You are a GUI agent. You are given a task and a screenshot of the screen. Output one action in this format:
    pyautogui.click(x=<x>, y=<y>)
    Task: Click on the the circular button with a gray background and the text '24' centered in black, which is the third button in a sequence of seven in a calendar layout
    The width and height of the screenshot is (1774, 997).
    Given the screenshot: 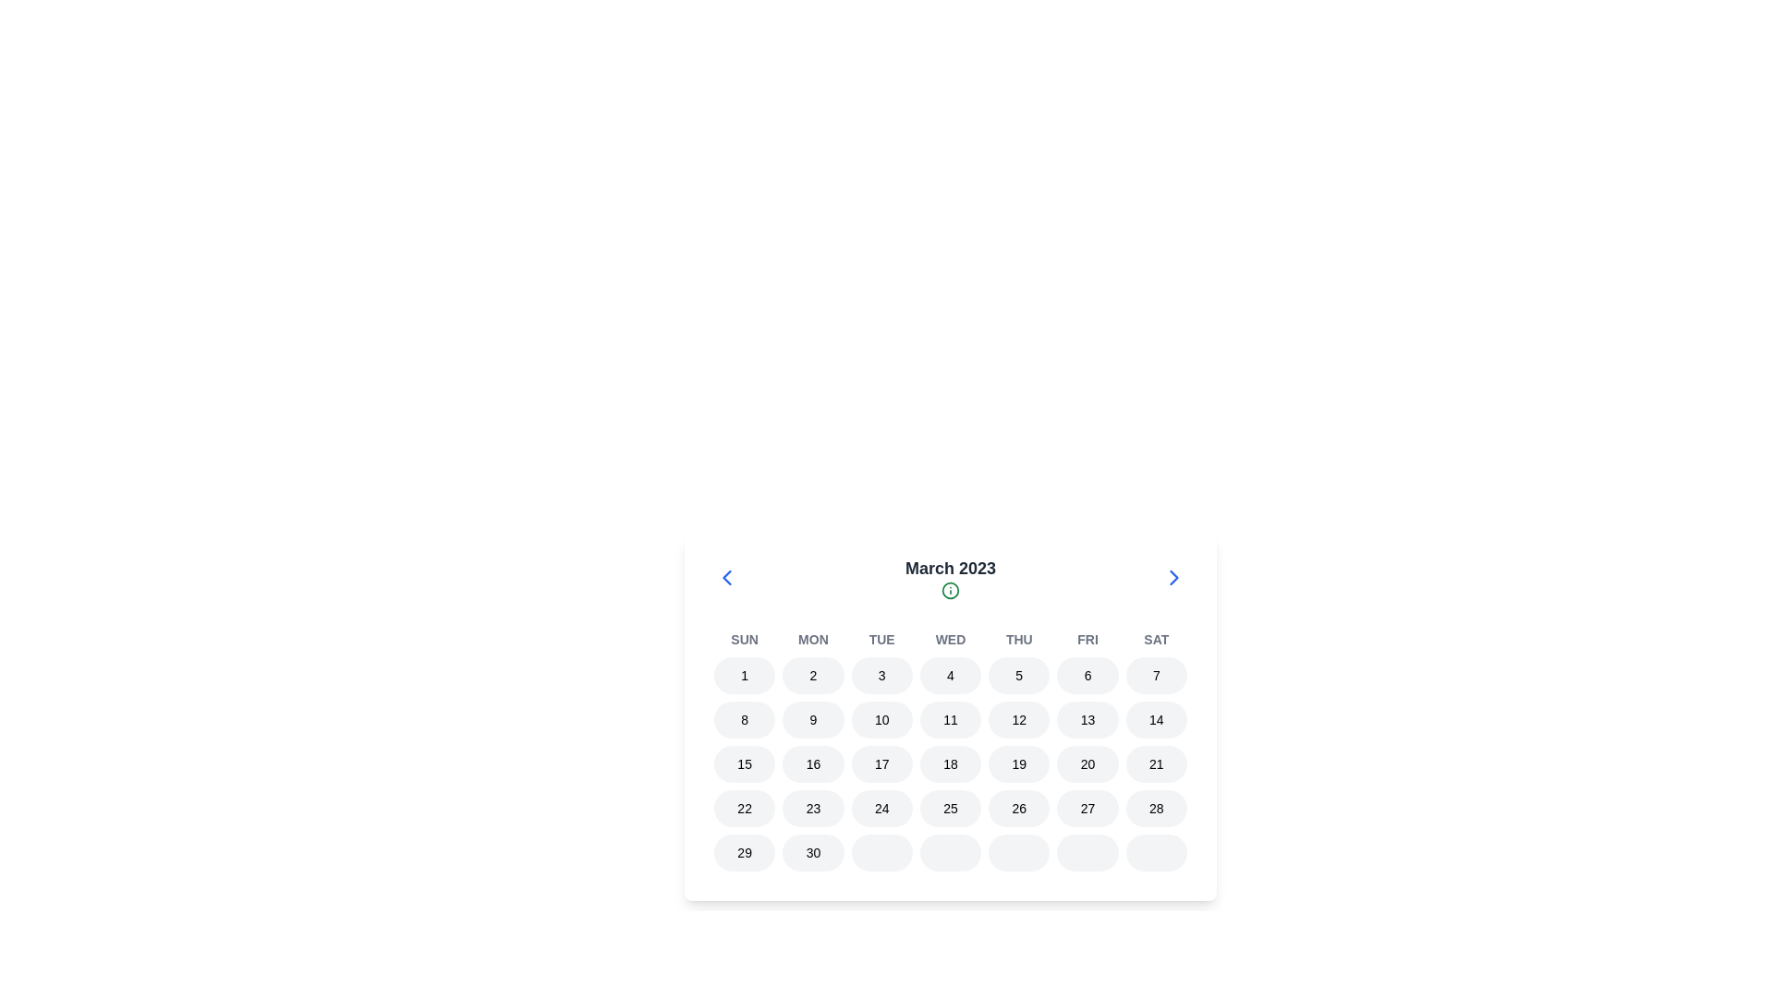 What is the action you would take?
    pyautogui.click(x=881, y=807)
    